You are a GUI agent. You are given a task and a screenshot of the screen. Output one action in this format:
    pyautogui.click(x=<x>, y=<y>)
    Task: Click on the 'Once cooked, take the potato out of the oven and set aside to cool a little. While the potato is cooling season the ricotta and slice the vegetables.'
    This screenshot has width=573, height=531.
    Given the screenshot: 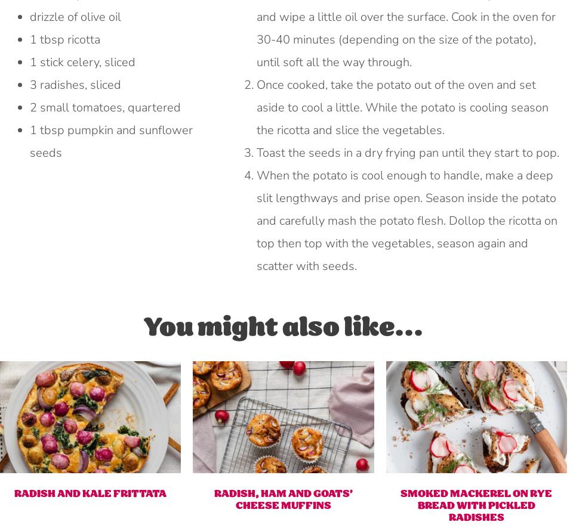 What is the action you would take?
    pyautogui.click(x=402, y=107)
    